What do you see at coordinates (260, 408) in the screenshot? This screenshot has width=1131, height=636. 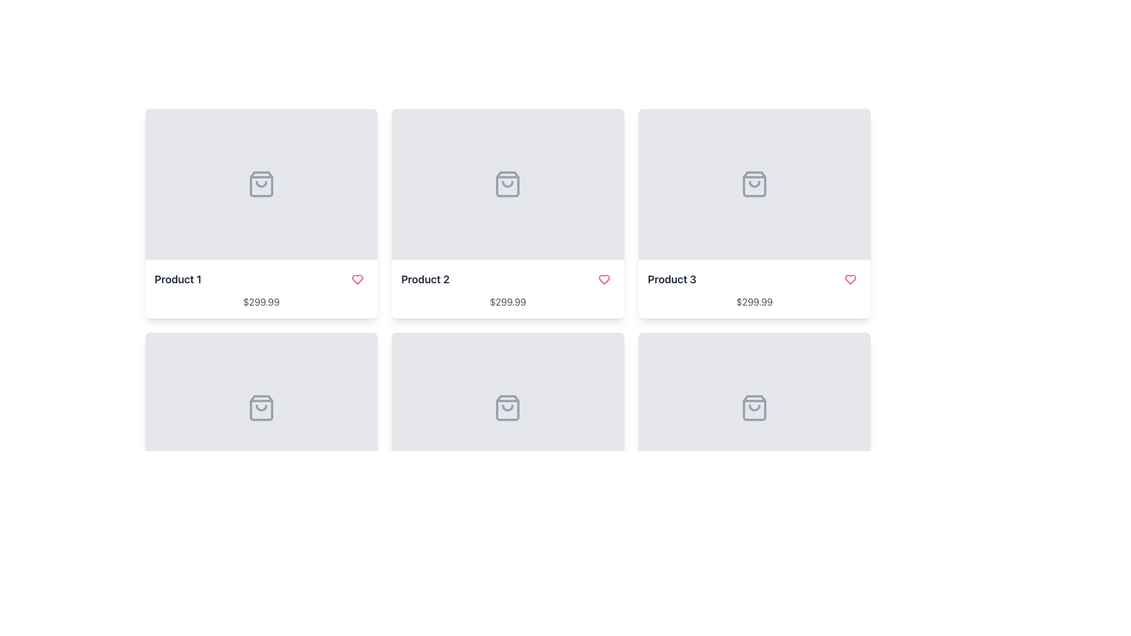 I see `the shopping bag icon, represented by a gray line art outline with a top handle` at bounding box center [260, 408].